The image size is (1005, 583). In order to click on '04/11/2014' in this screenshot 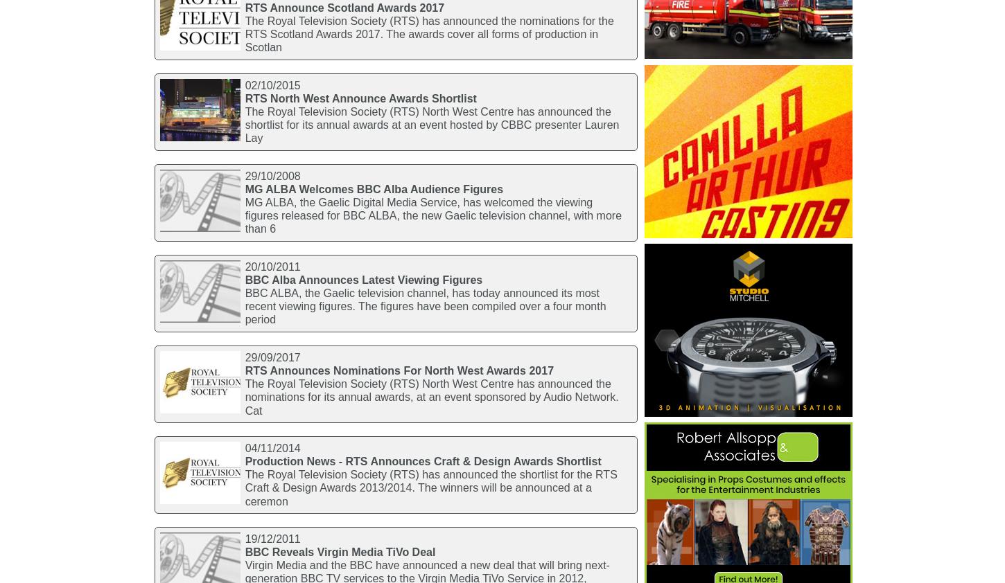, I will do `click(271, 447)`.